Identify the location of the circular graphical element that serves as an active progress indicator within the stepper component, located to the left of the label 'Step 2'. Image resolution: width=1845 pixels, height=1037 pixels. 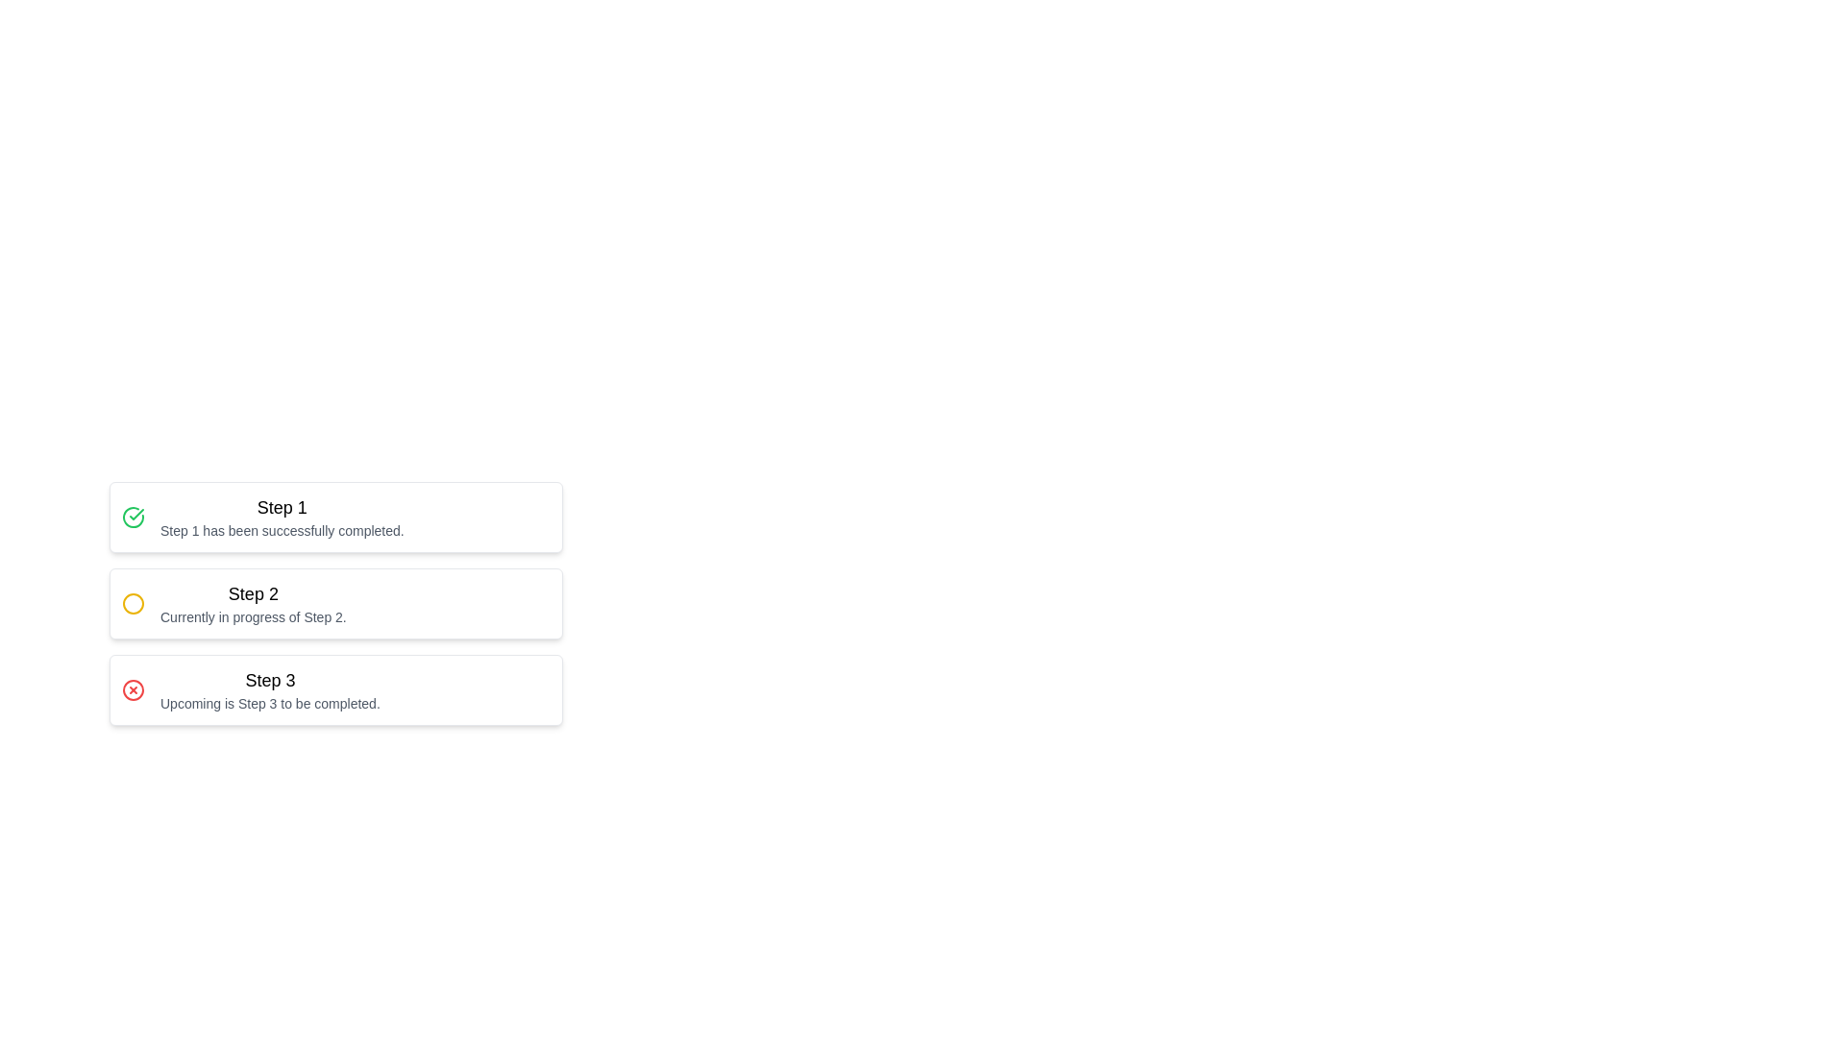
(133, 602).